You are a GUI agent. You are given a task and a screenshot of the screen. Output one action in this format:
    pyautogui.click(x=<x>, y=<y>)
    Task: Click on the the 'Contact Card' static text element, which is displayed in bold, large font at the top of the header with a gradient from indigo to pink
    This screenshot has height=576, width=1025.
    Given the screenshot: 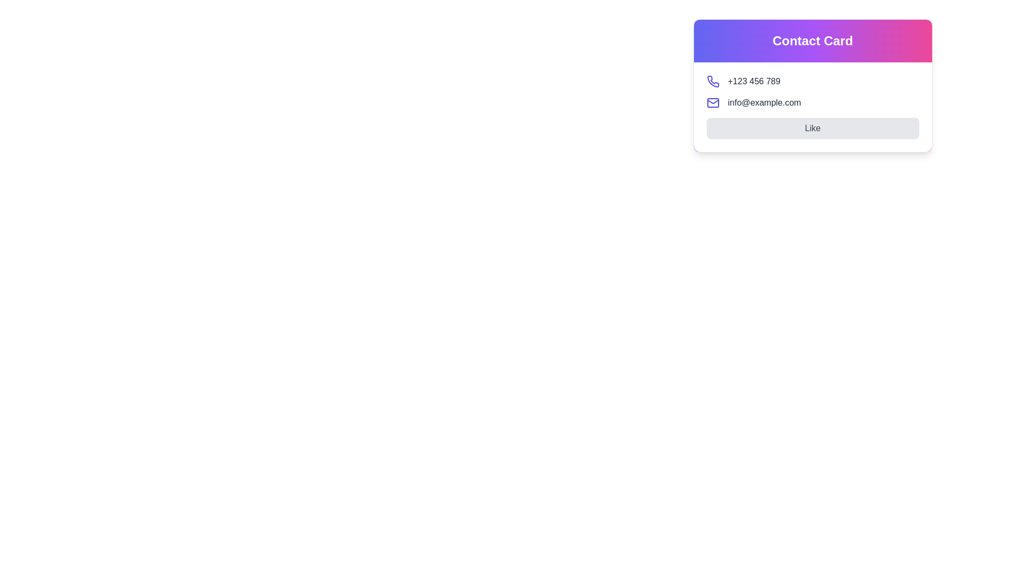 What is the action you would take?
    pyautogui.click(x=812, y=41)
    